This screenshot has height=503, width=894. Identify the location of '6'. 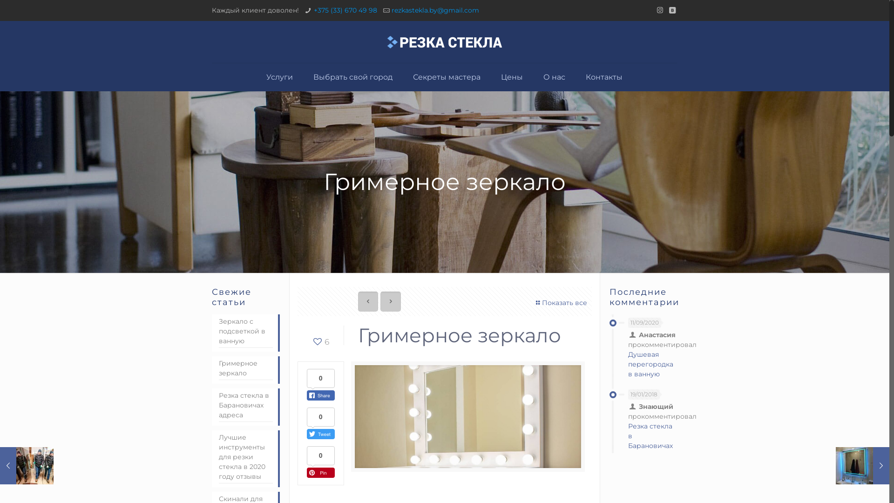
(311, 342).